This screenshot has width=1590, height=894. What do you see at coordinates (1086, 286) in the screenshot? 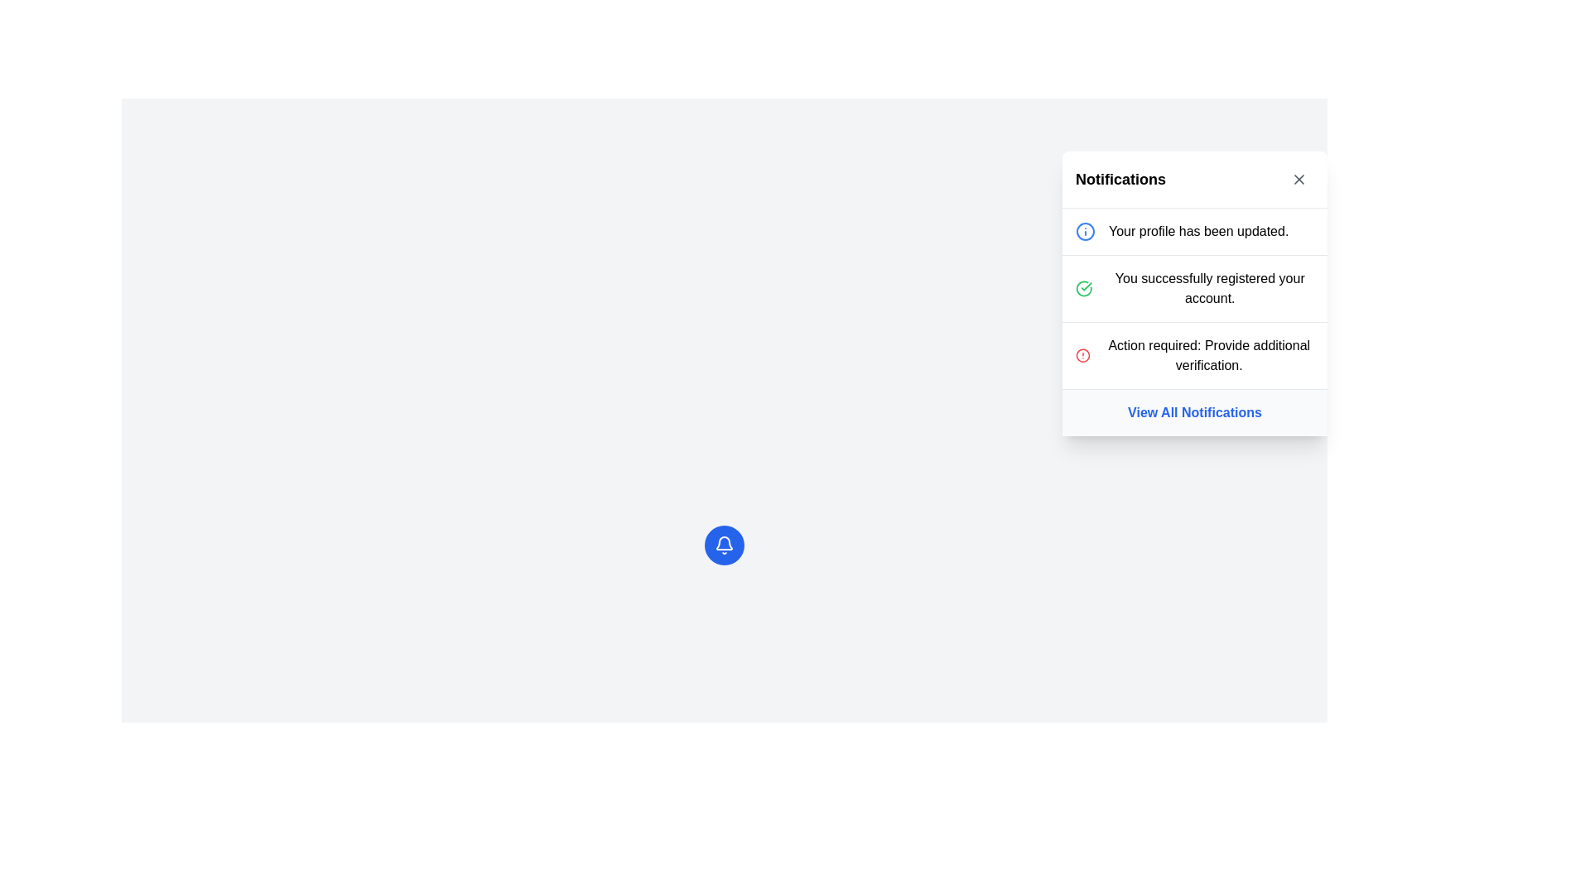
I see `the green checkmark icon associated with the confirmation message indicating successful account registration, located on the second notification item` at bounding box center [1086, 286].